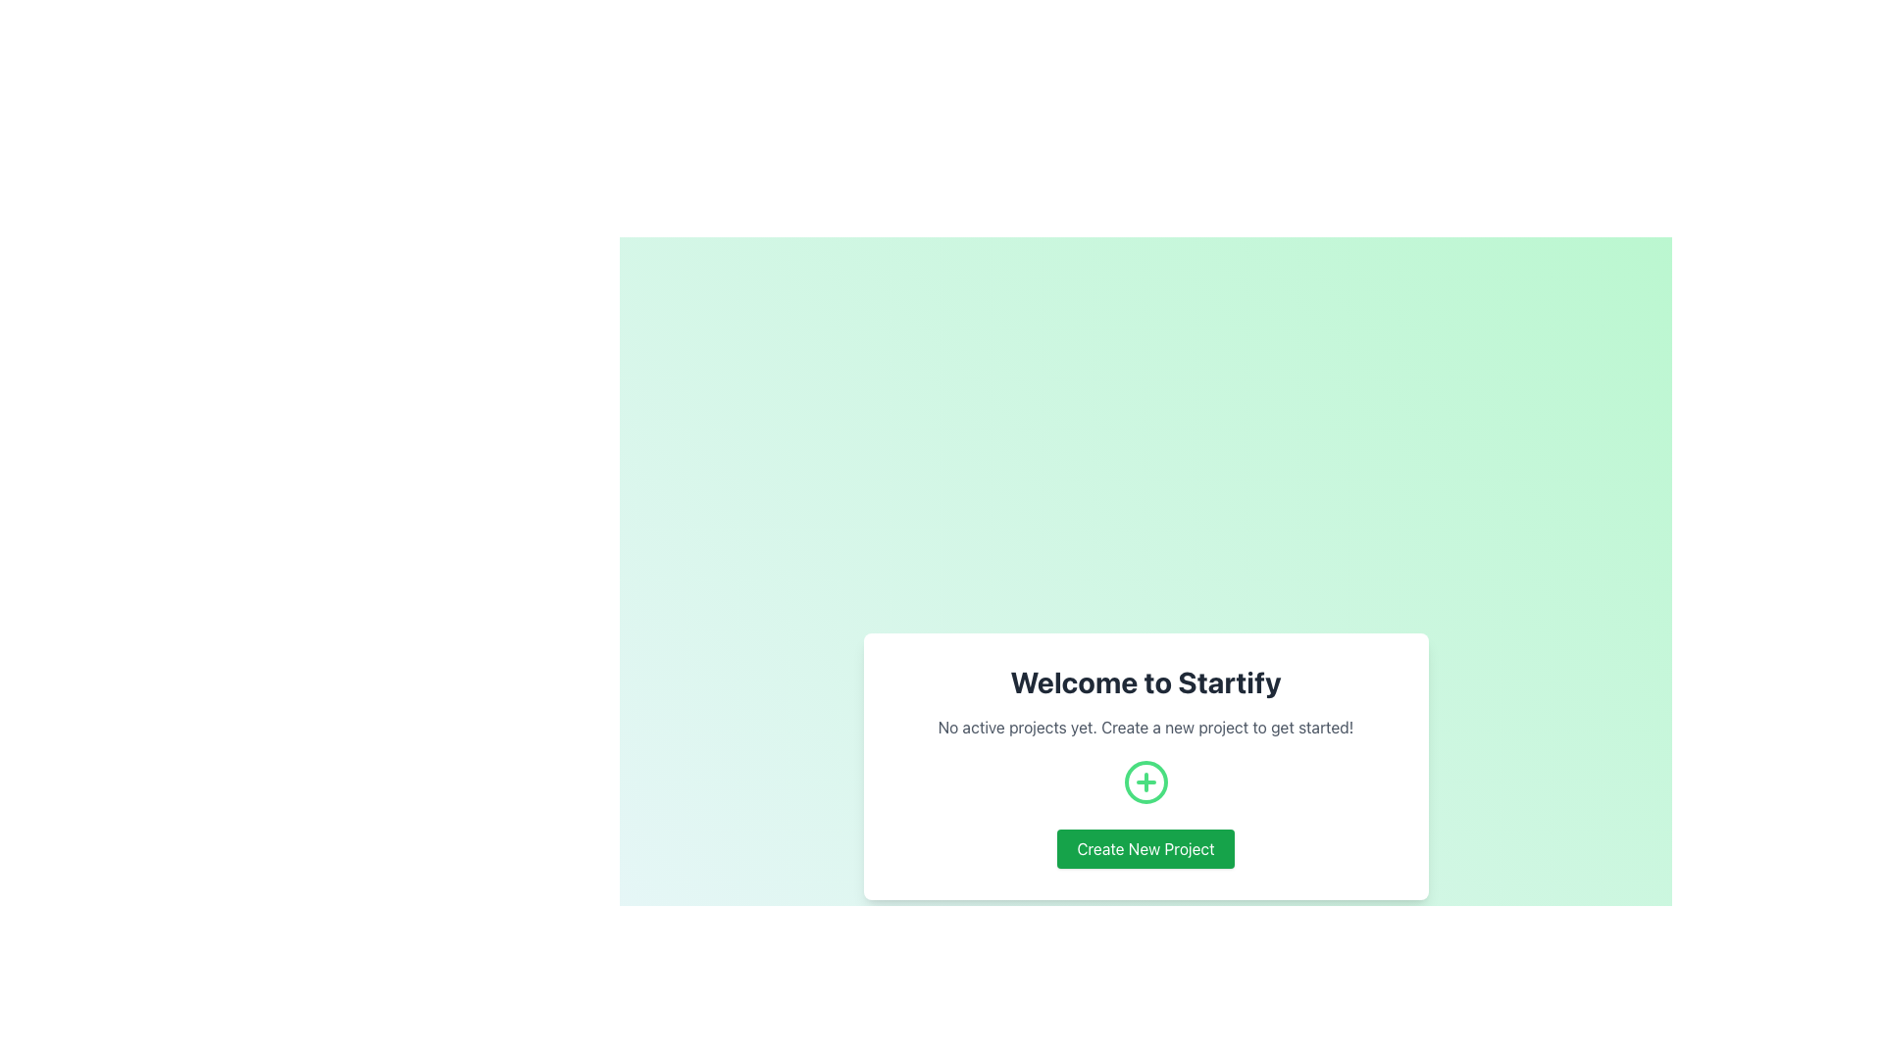  I want to click on the 'Create New Project' button located at the bottom center of the 'Welcome, so click(1145, 848).